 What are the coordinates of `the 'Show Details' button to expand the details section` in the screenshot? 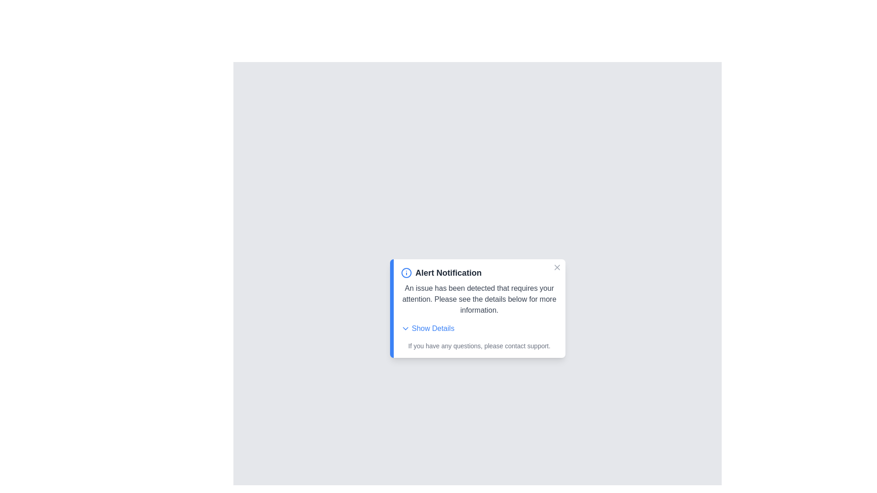 It's located at (427, 329).